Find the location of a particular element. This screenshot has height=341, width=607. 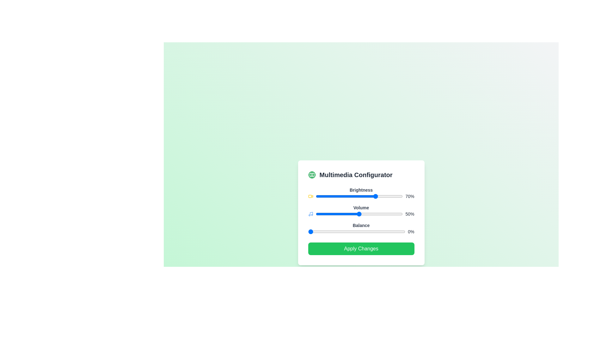

the Brightness slider to observe its interactive response is located at coordinates (359, 196).